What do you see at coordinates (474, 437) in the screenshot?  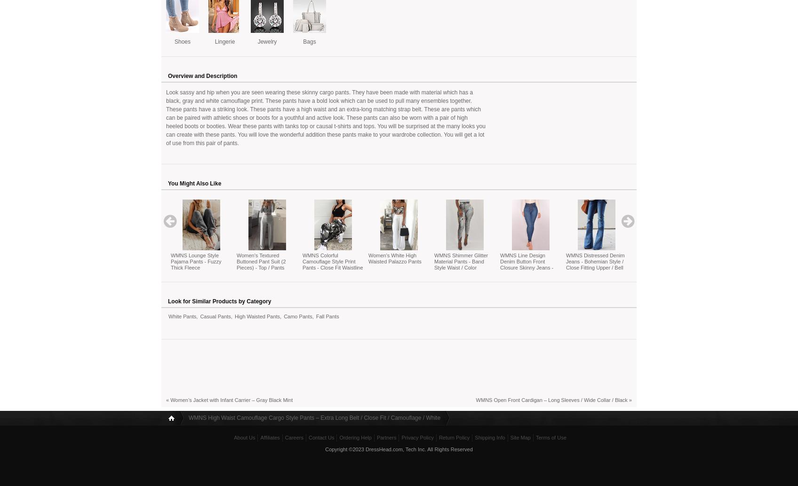 I see `'Shipping Info'` at bounding box center [474, 437].